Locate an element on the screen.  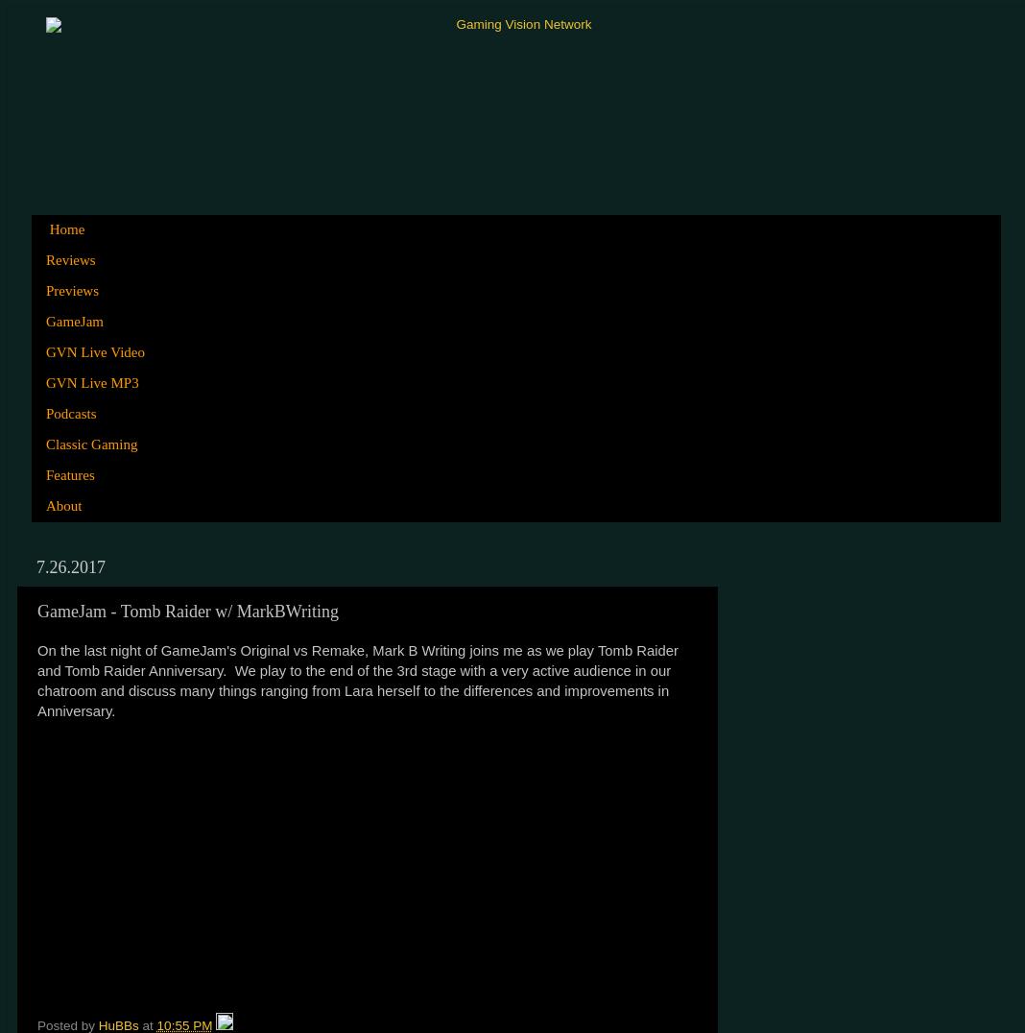
'GameJam - Tomb Raider w/ MarkBWriting' is located at coordinates (187, 610).